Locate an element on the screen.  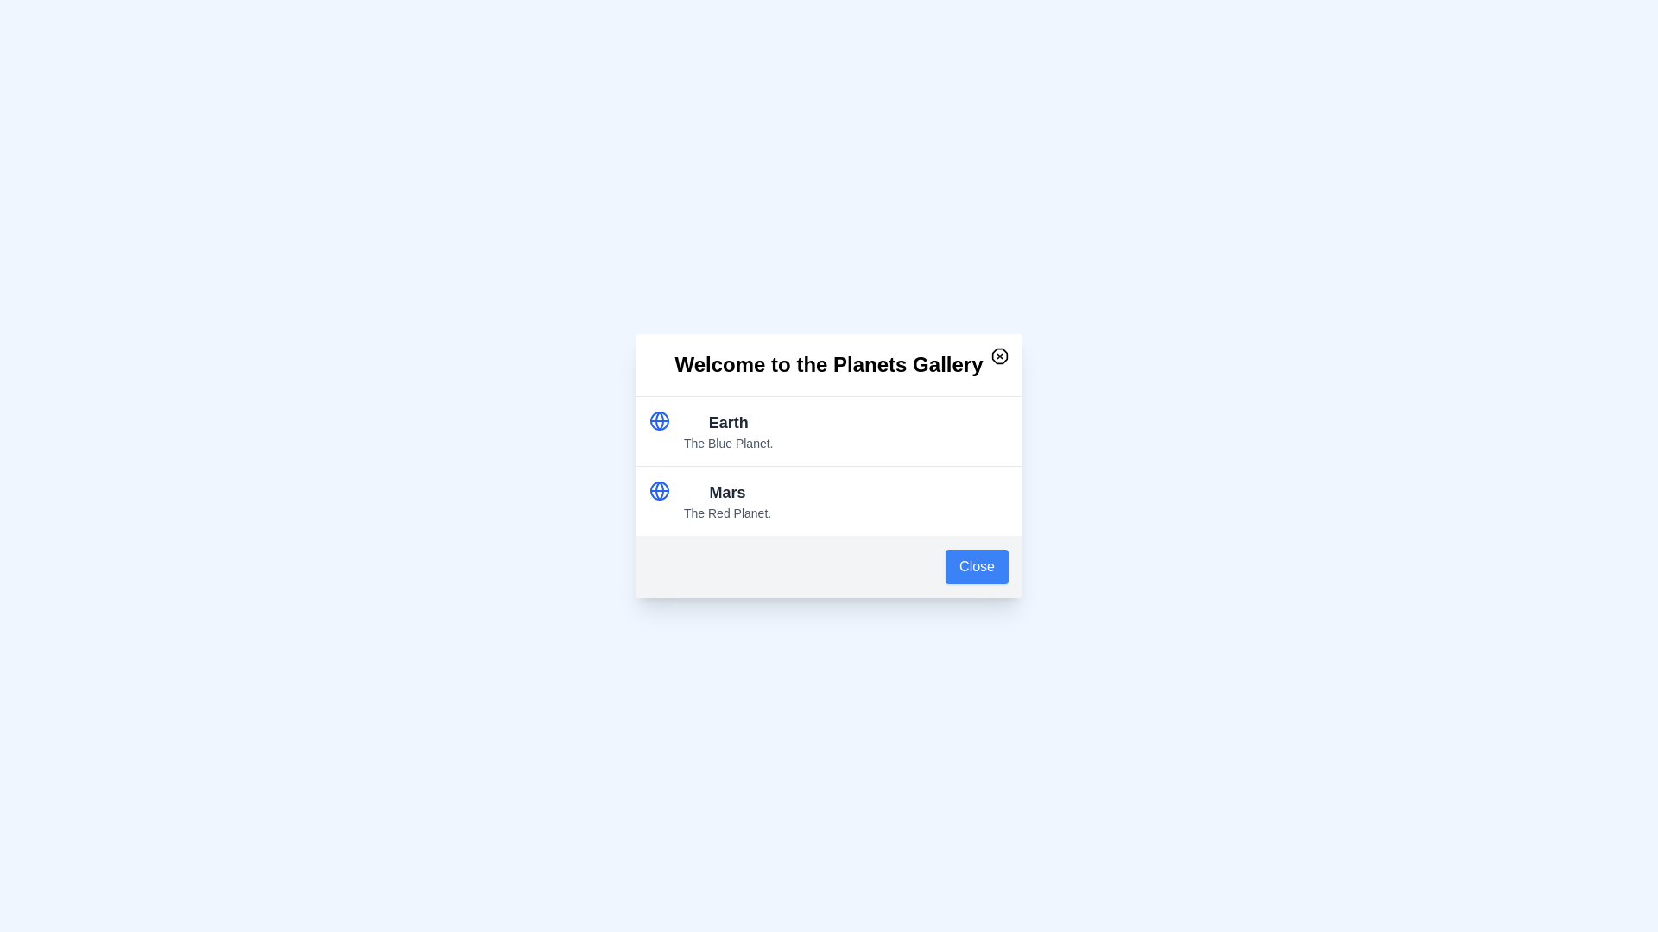
the text 'Welcome to the Planets Gallery' in the modal dialog is located at coordinates (829, 364).